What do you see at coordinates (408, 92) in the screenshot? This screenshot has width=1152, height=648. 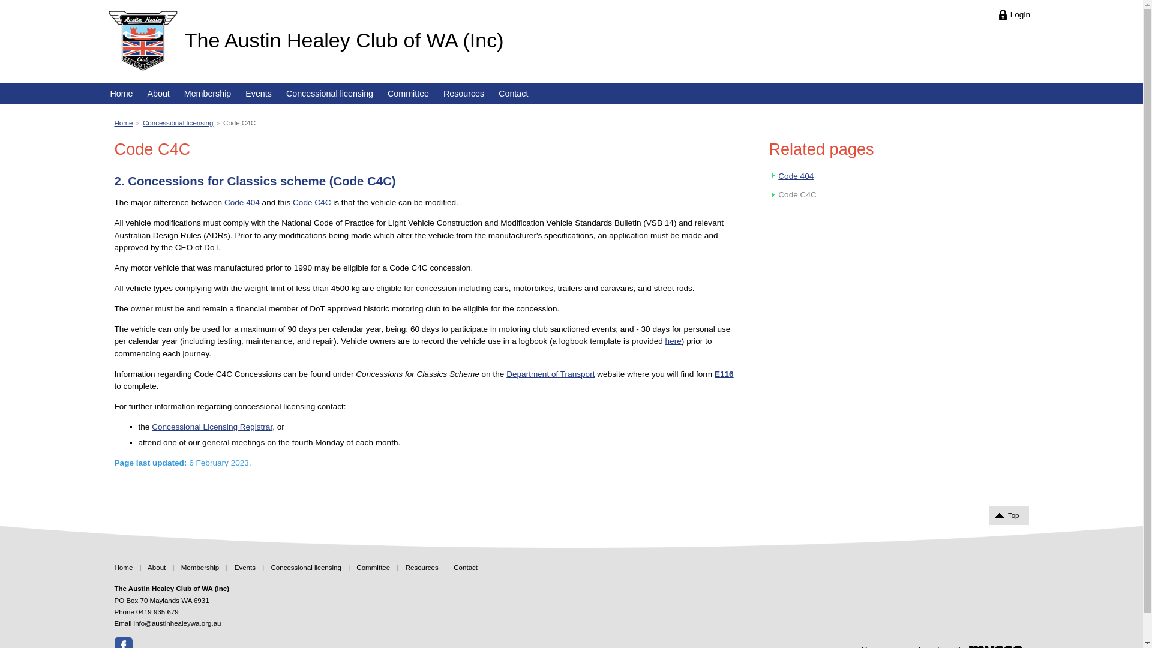 I see `'Committee'` at bounding box center [408, 92].